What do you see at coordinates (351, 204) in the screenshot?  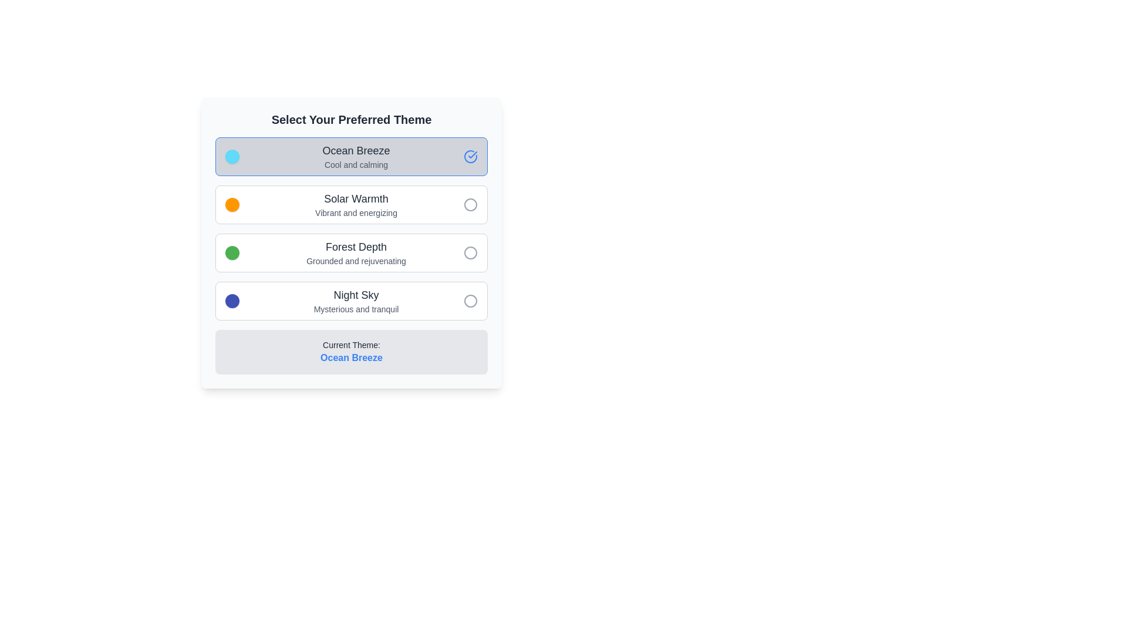 I see `the 'Solar Warmth' selectable list item with a radio button, which is the second option in the list under 'Select Your Preferred Theme'` at bounding box center [351, 204].